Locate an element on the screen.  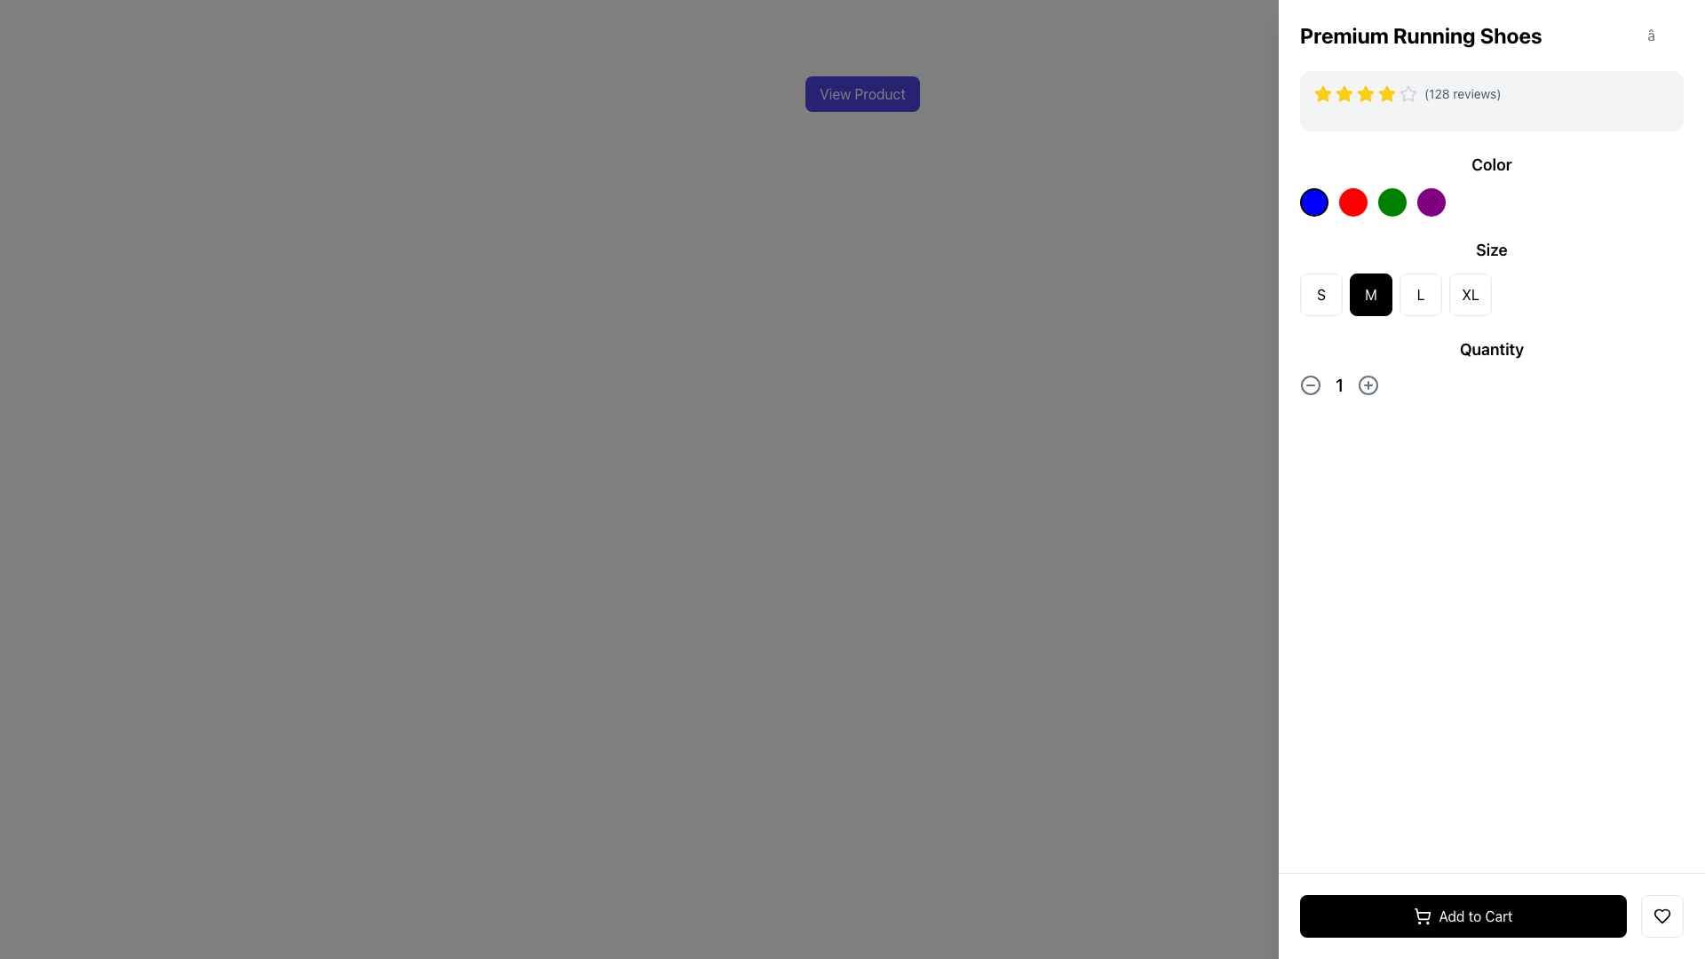
the second star icon in the rating system is located at coordinates (1364, 93).